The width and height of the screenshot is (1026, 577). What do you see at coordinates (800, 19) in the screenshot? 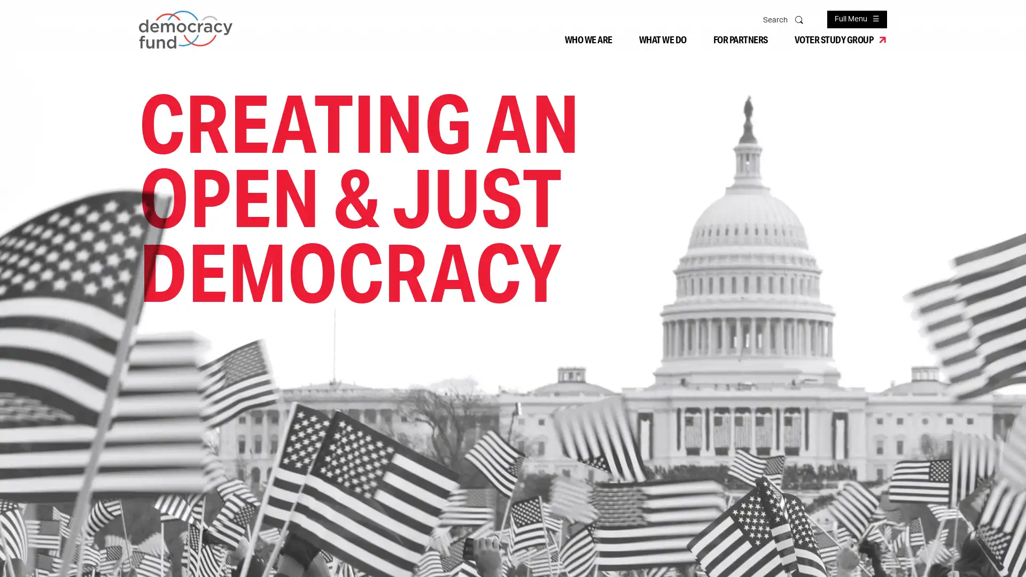
I see `Search` at bounding box center [800, 19].